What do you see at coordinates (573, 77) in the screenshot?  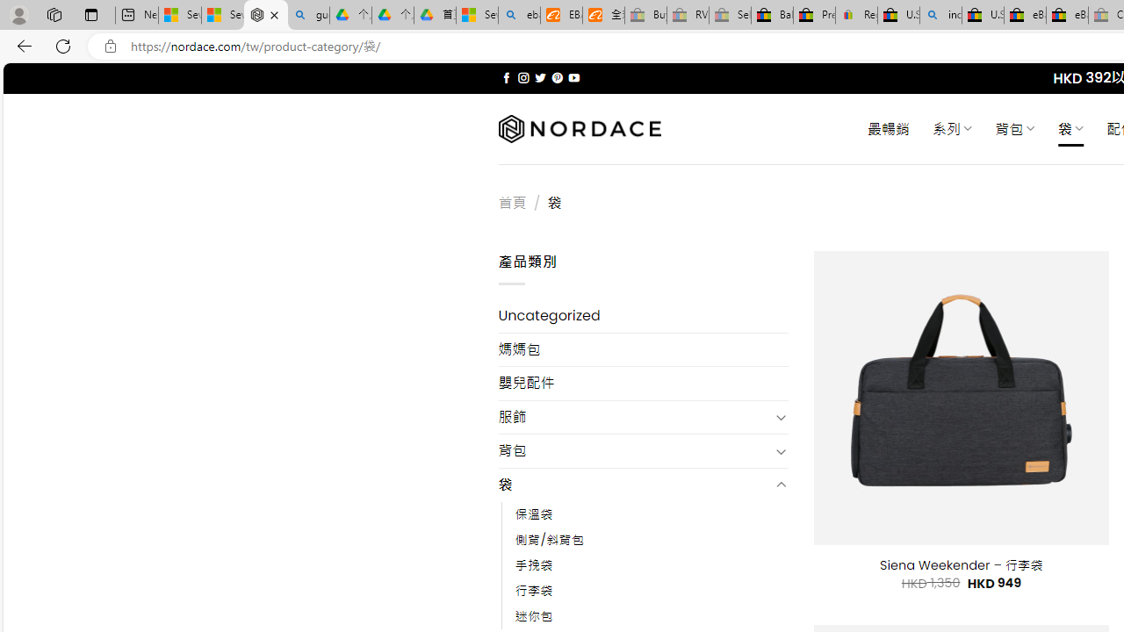 I see `'Follow on YouTube'` at bounding box center [573, 77].